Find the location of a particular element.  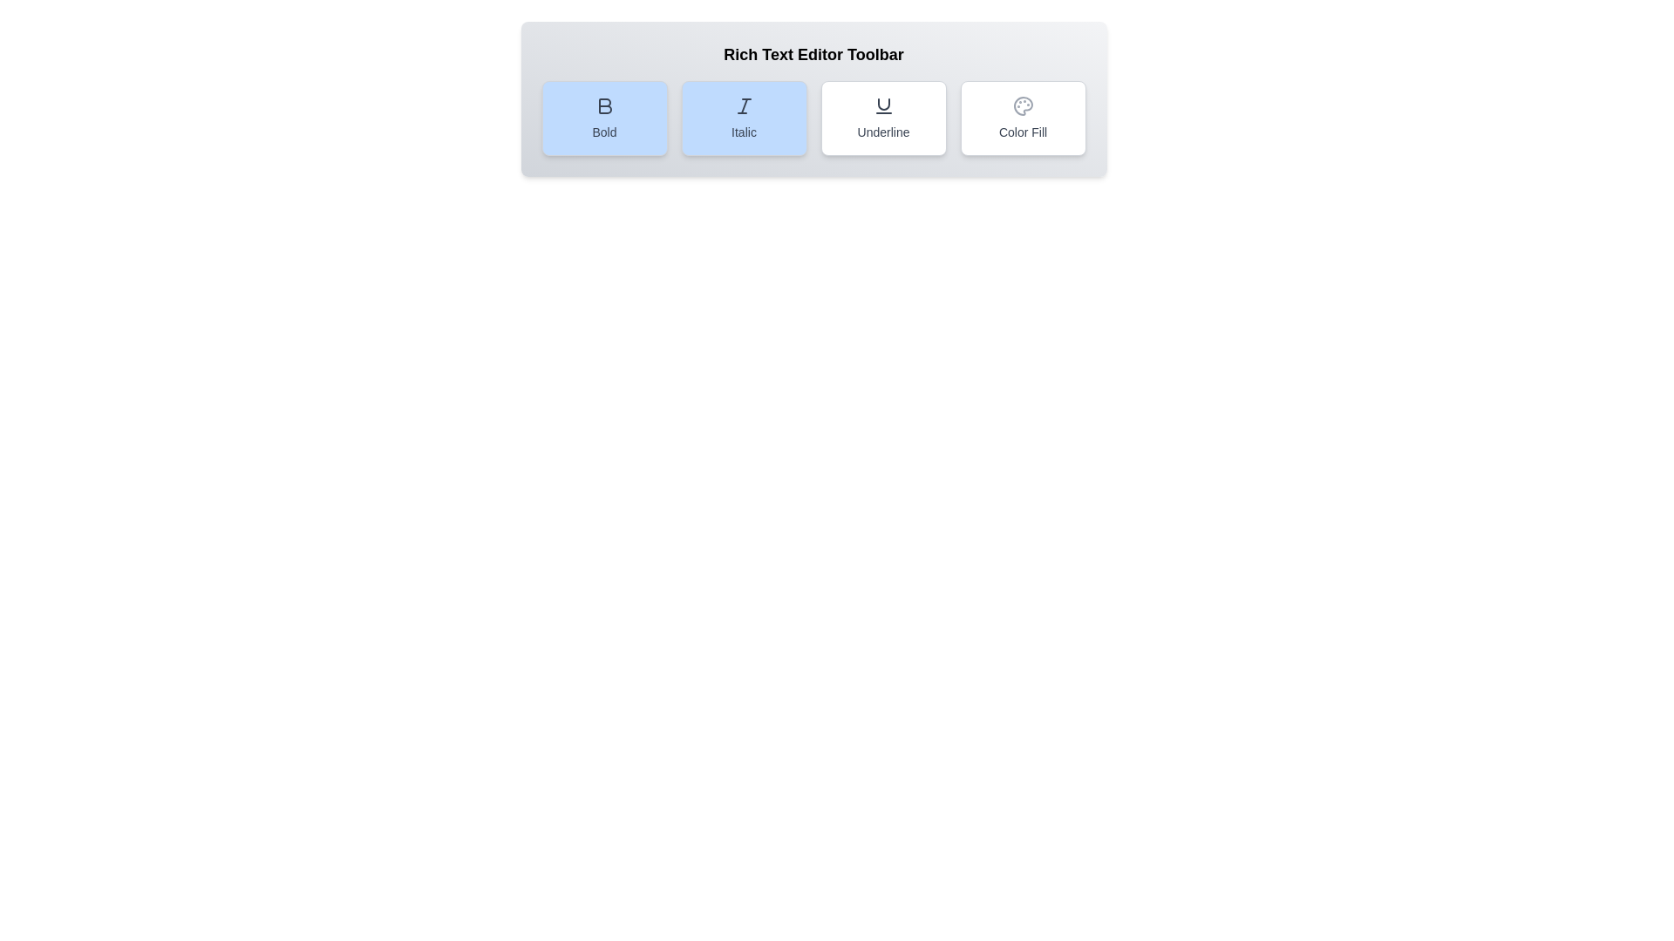

the Bold button to toggle the bold formatting option is located at coordinates (604, 118).